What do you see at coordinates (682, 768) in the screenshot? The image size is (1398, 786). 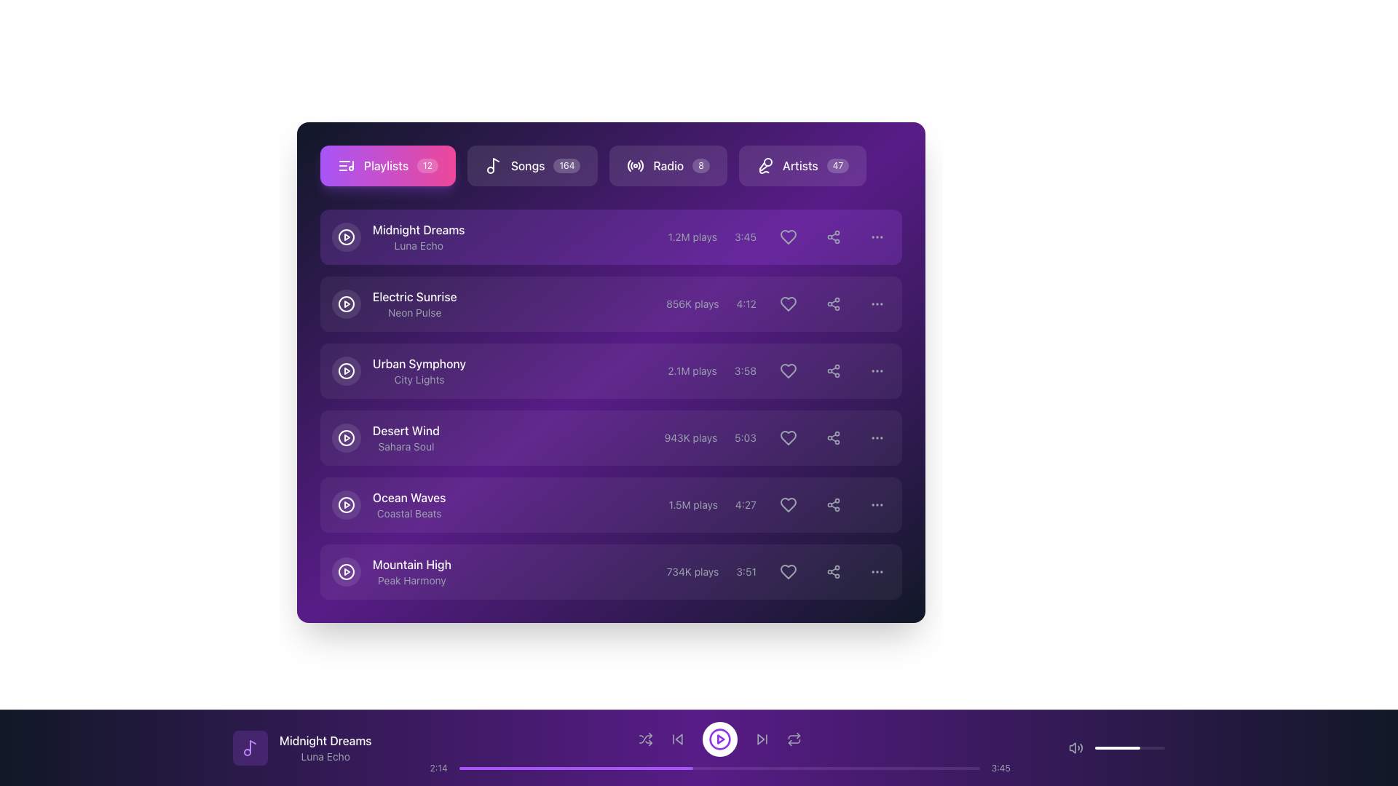 I see `playback time` at bounding box center [682, 768].